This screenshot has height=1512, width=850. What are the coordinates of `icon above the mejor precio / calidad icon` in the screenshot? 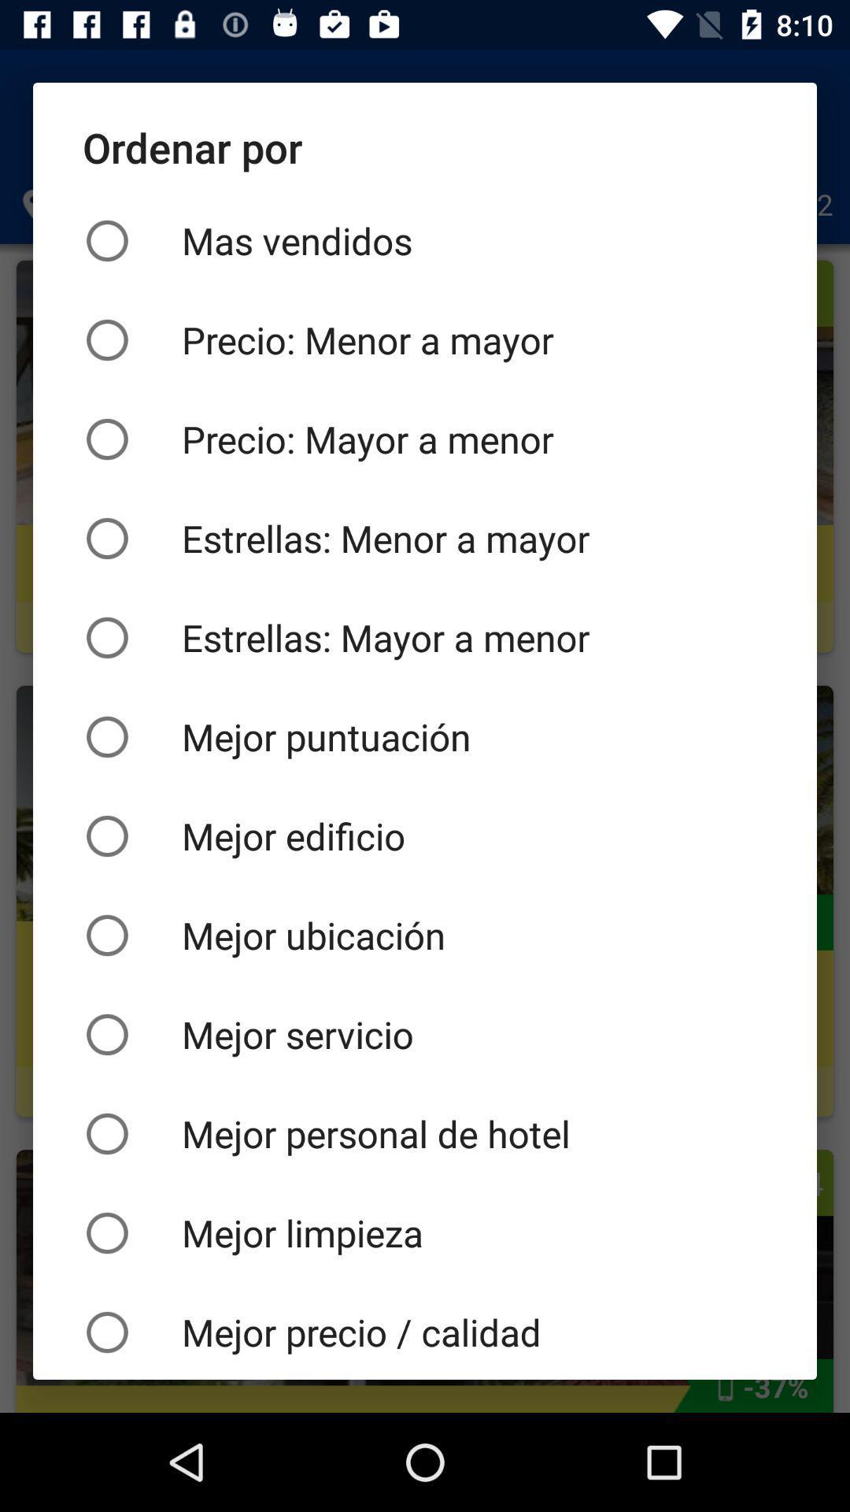 It's located at (425, 1232).